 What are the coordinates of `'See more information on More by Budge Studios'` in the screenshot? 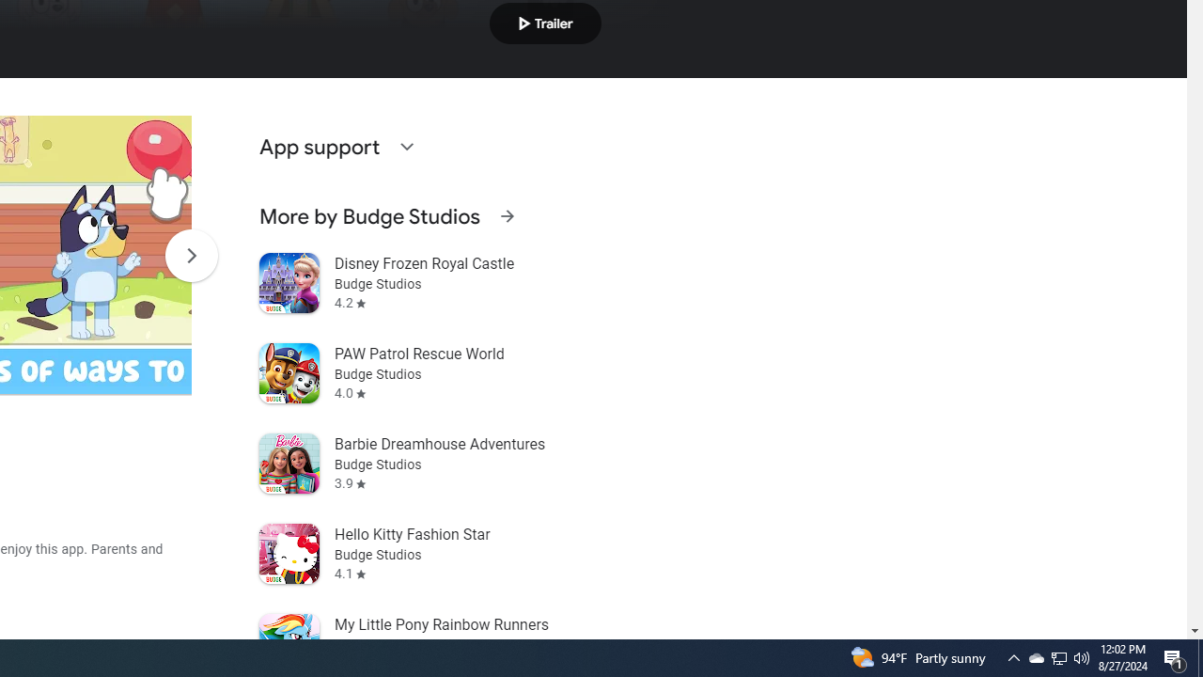 It's located at (507, 215).